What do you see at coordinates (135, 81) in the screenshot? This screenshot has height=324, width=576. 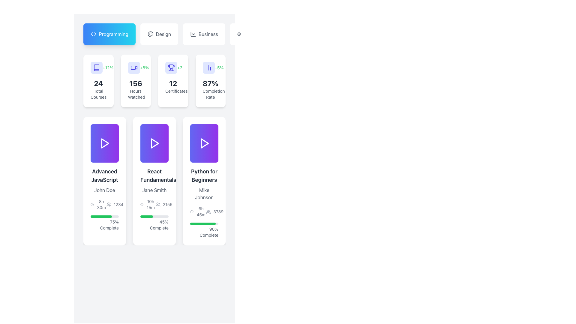 I see `the information displayed on the second Display card, which includes a camera icon, a green '+8%' label, the number '156' in bold, and the text 'Hours Watched'` at bounding box center [135, 81].